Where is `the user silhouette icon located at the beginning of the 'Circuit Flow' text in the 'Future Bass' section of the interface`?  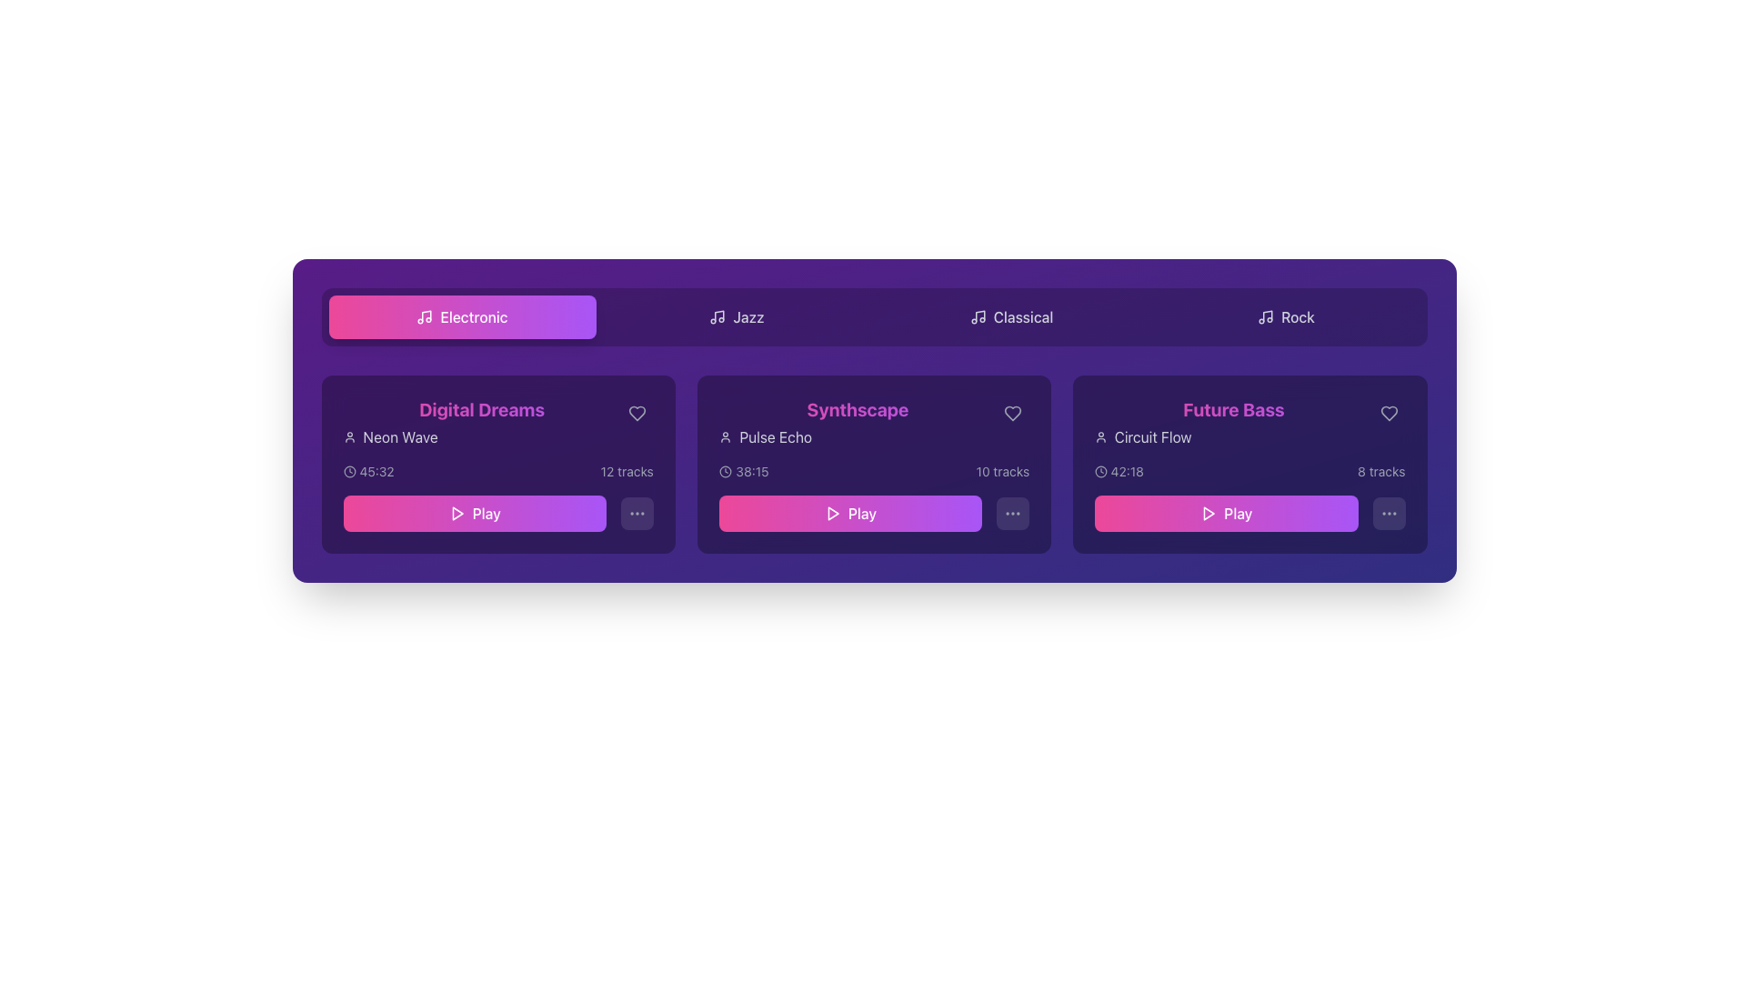
the user silhouette icon located at the beginning of the 'Circuit Flow' text in the 'Future Bass' section of the interface is located at coordinates (1100, 437).